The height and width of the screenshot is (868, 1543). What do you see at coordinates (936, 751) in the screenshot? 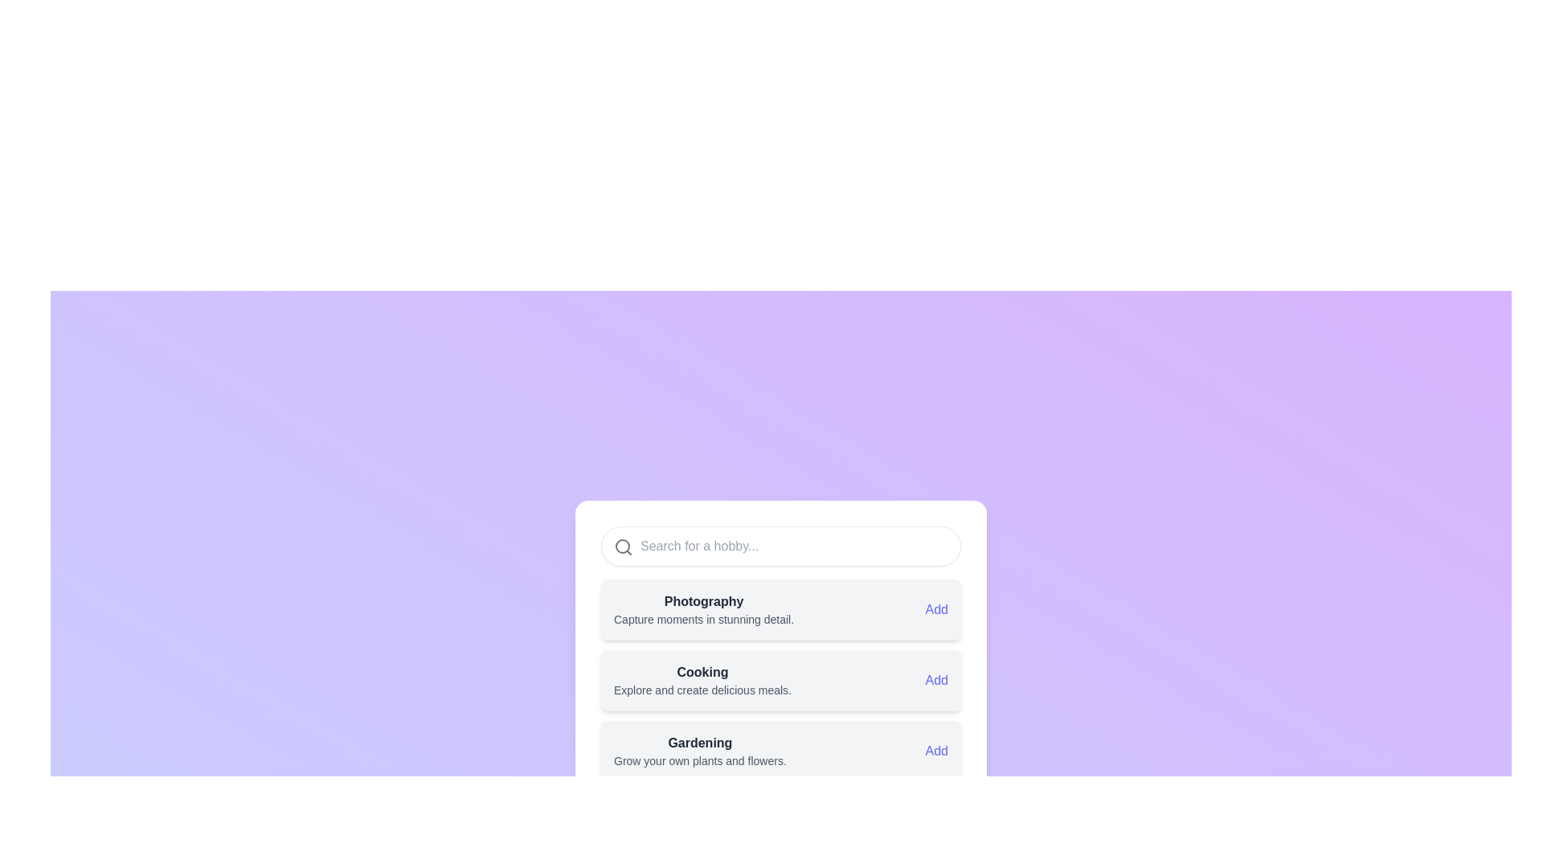
I see `the 'Add' button located in the top-right corner of the bottom card in the vertically stacked list` at bounding box center [936, 751].